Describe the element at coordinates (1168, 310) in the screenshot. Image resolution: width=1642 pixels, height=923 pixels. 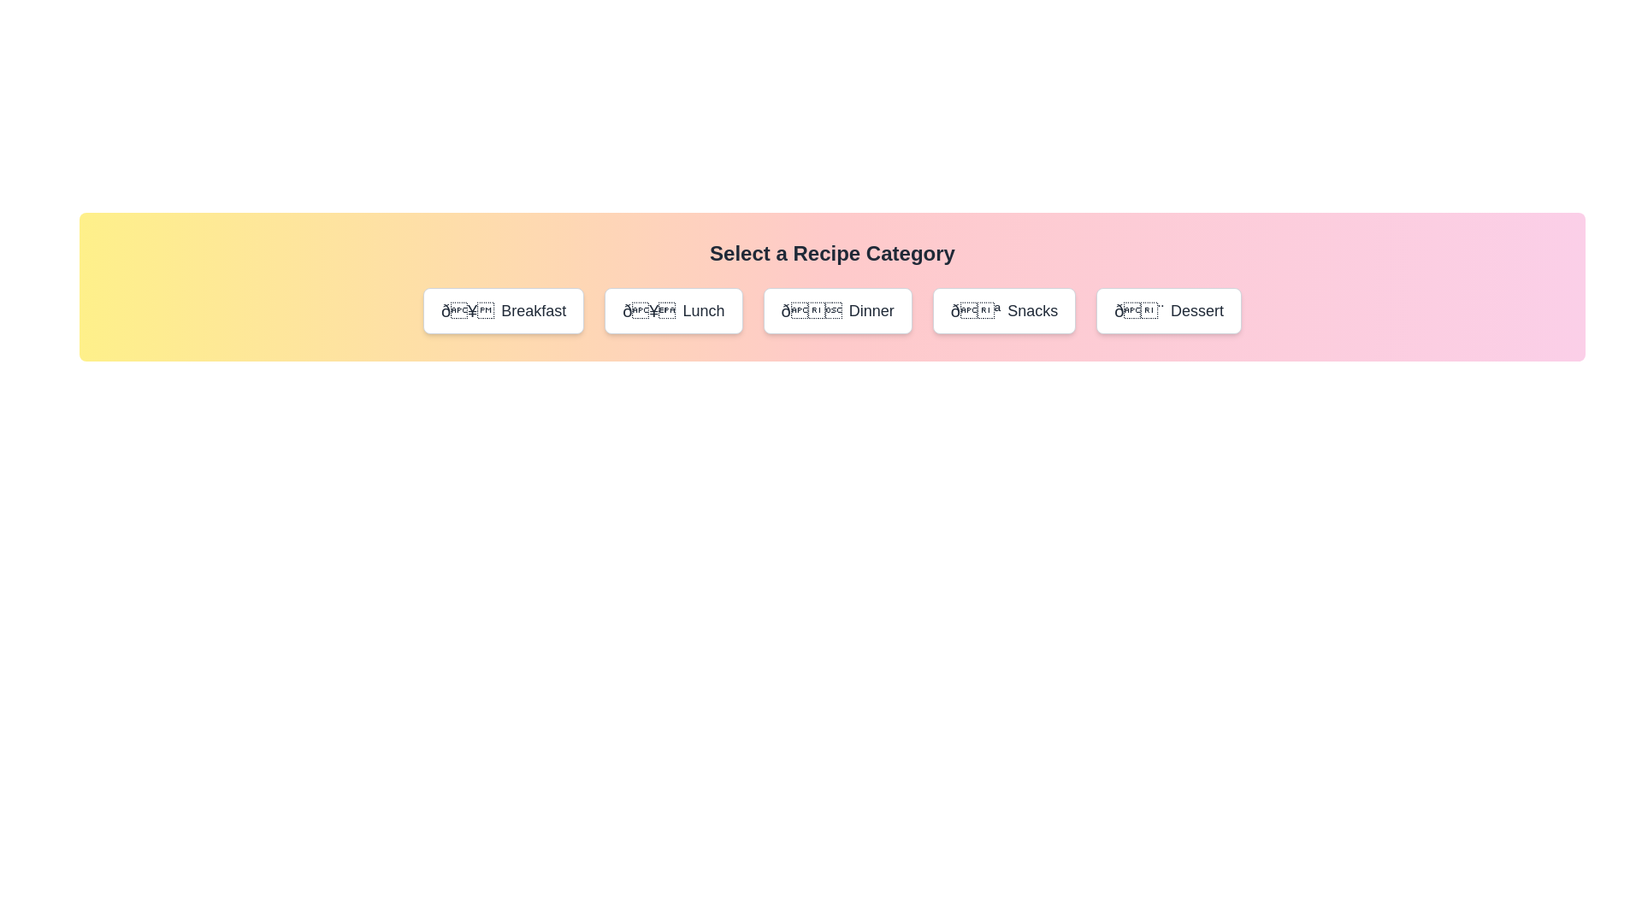
I see `the button corresponding to the category Dessert` at that location.